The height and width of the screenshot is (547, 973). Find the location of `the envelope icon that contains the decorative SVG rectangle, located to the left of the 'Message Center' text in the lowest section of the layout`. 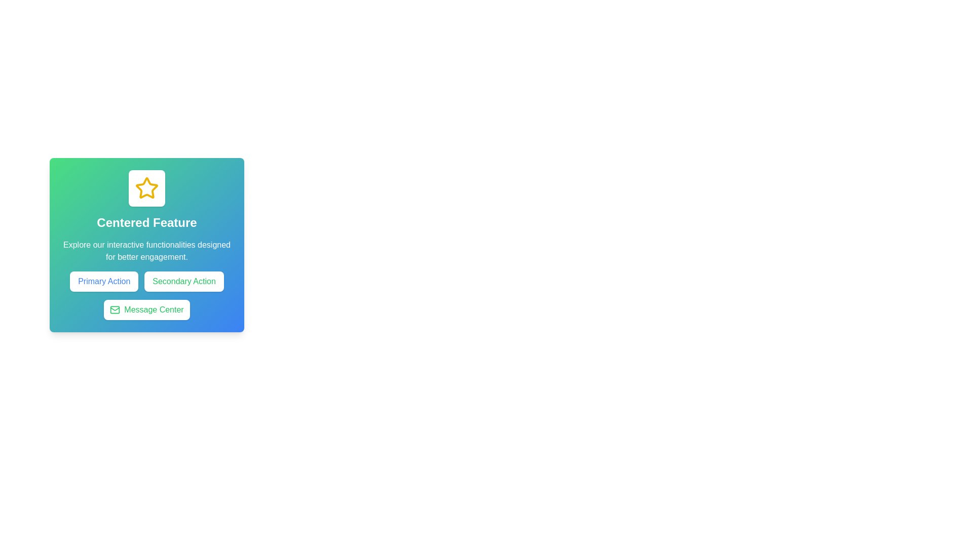

the envelope icon that contains the decorative SVG rectangle, located to the left of the 'Message Center' text in the lowest section of the layout is located at coordinates (115, 309).